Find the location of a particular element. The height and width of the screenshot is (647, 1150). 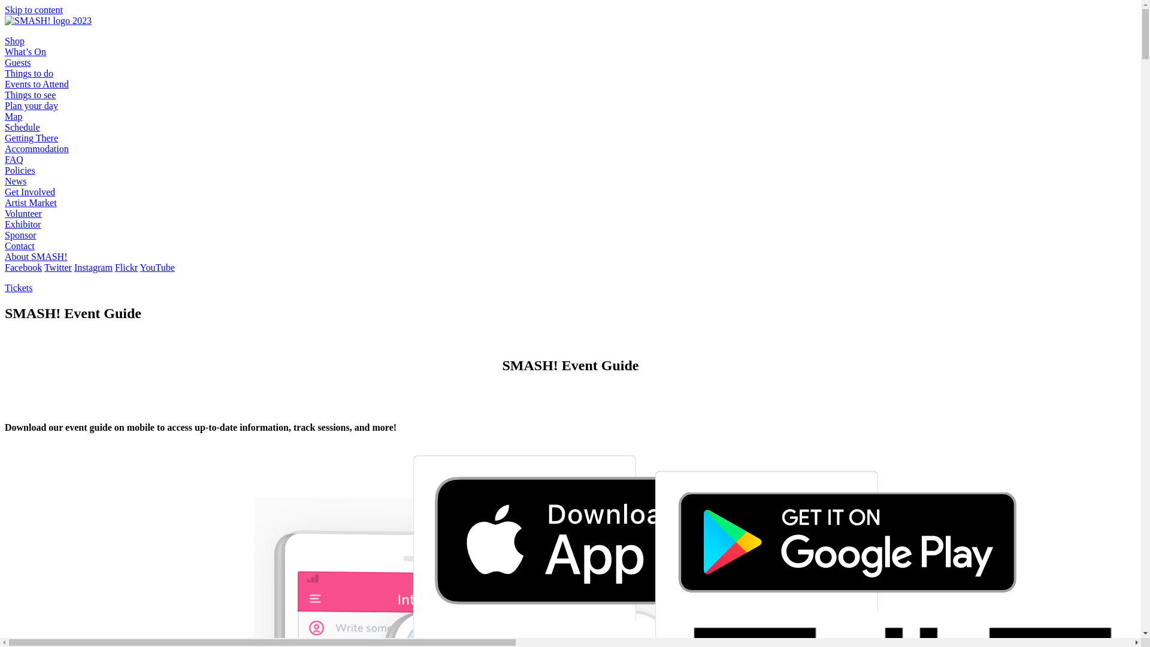

'About SMASH!' is located at coordinates (5, 256).